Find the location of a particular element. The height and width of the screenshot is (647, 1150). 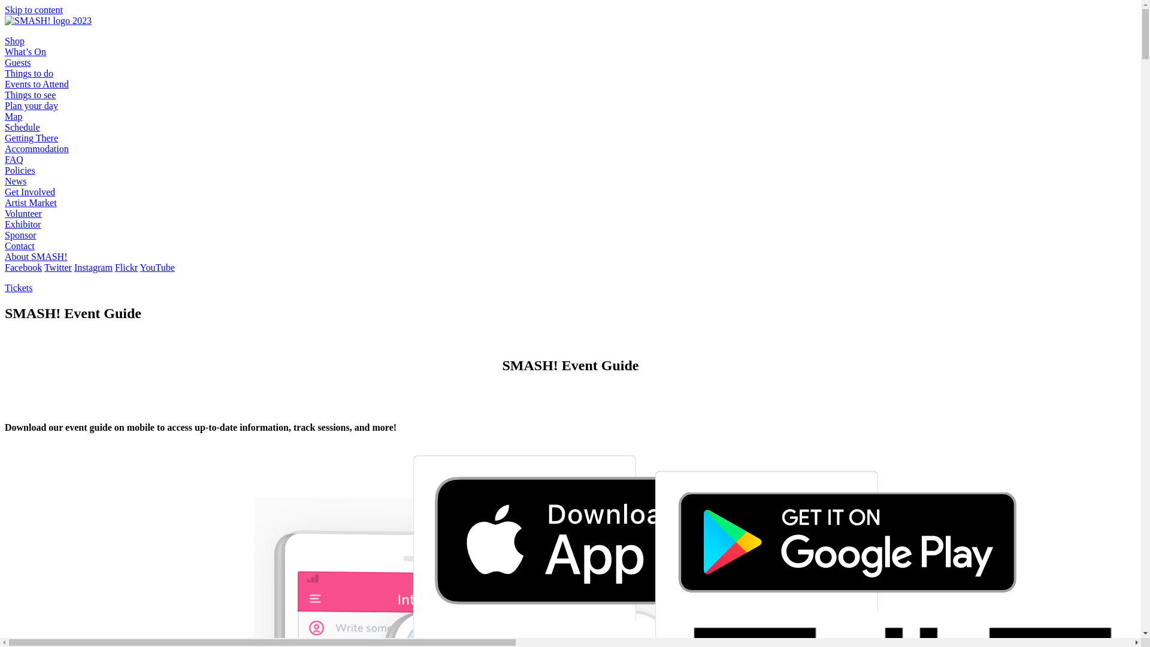

'About SMASH!' is located at coordinates (5, 256).